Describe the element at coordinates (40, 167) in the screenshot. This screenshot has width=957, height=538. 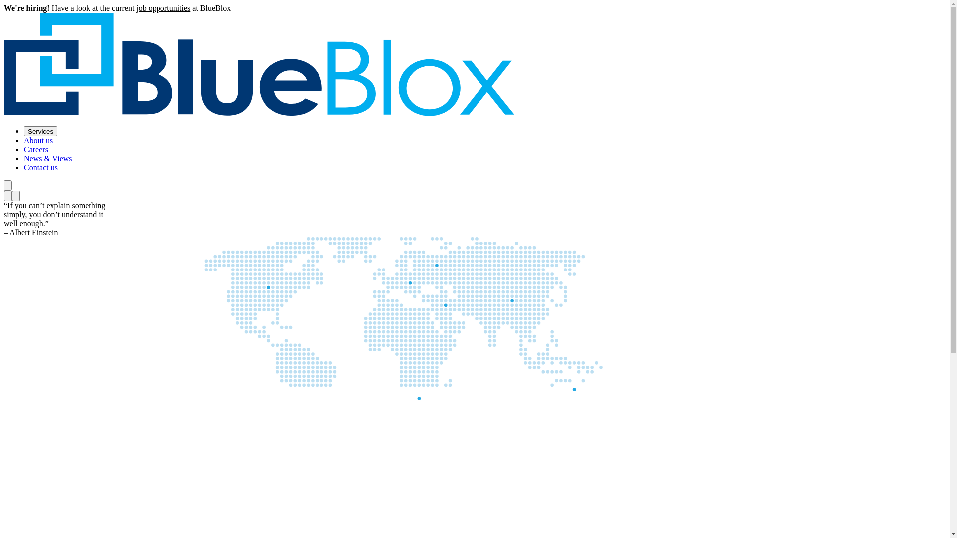
I see `'Contact us'` at that location.